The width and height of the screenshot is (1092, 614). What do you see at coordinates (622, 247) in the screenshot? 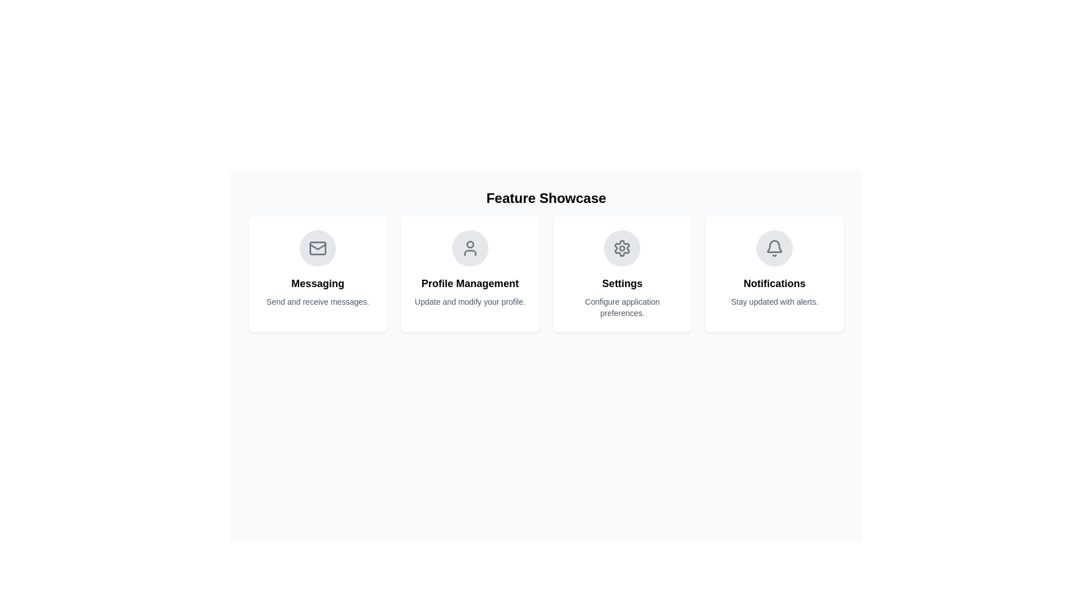
I see `the cog-shaped icon within the 'Settings' card in the Feature Showcase section, which is located above the 'Configure application preferences' text and below the title 'Settings'` at bounding box center [622, 247].